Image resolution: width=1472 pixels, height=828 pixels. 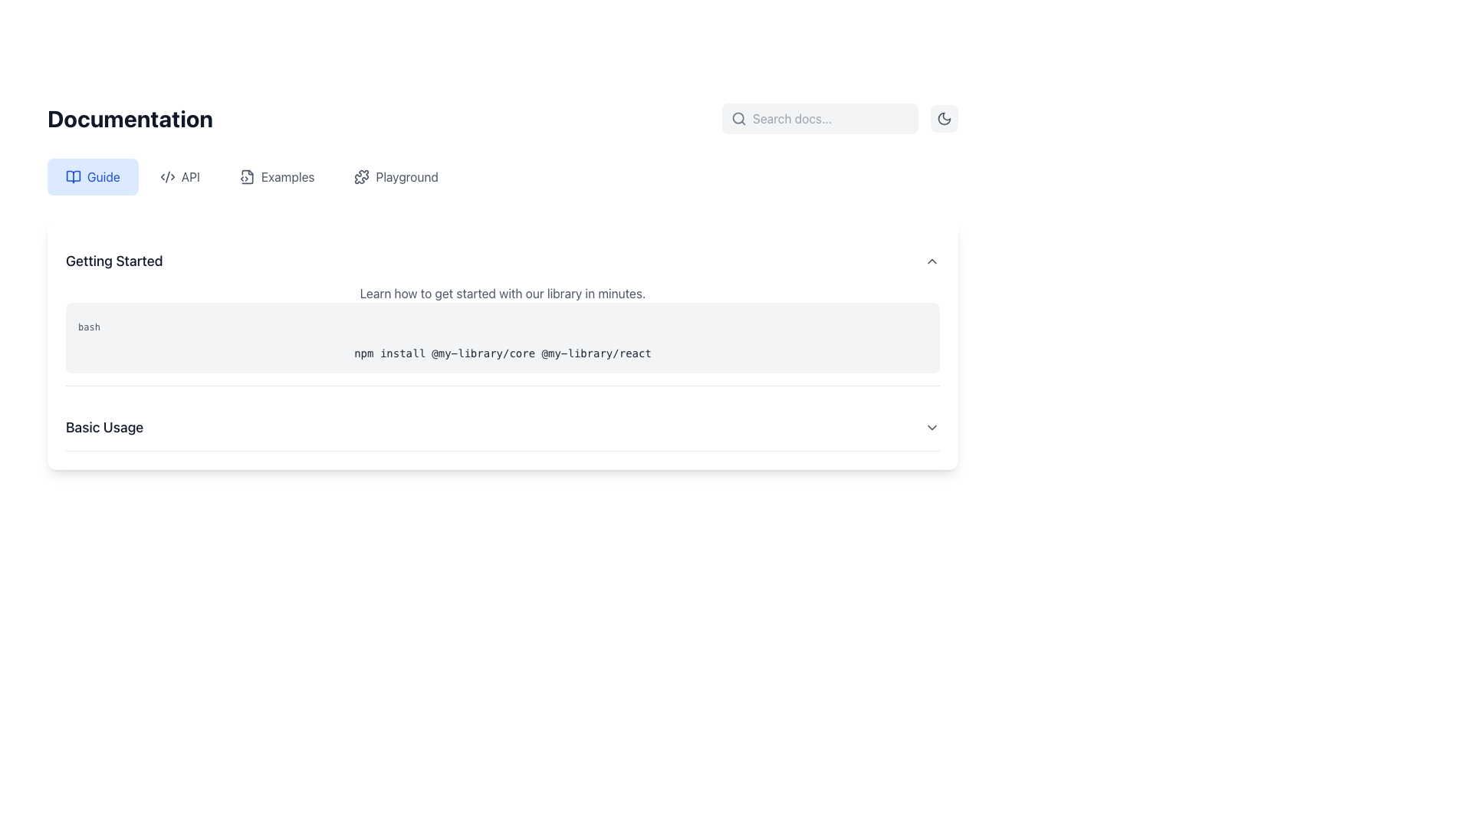 I want to click on the 'Guide' button, which is a rectangular button with rounded corners, light blue background, and bold blue text, positioned as the first item in the navigation header, so click(x=92, y=176).